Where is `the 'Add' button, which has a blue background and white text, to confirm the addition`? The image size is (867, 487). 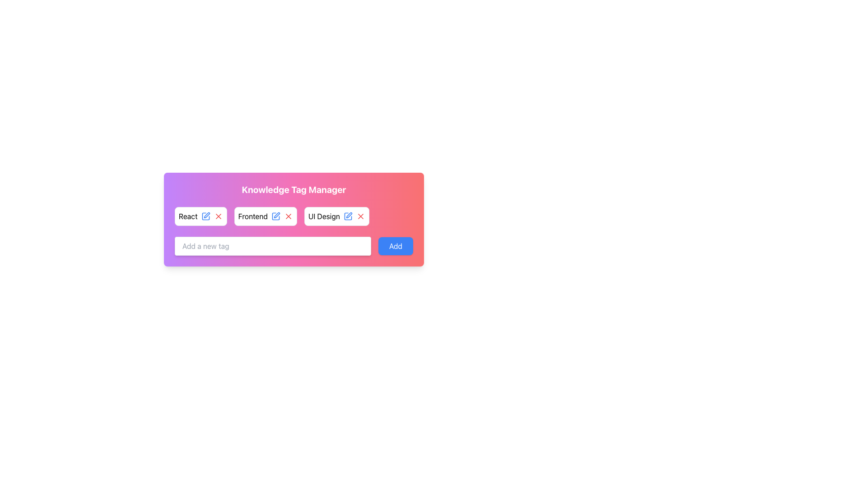
the 'Add' button, which has a blue background and white text, to confirm the addition is located at coordinates (396, 246).